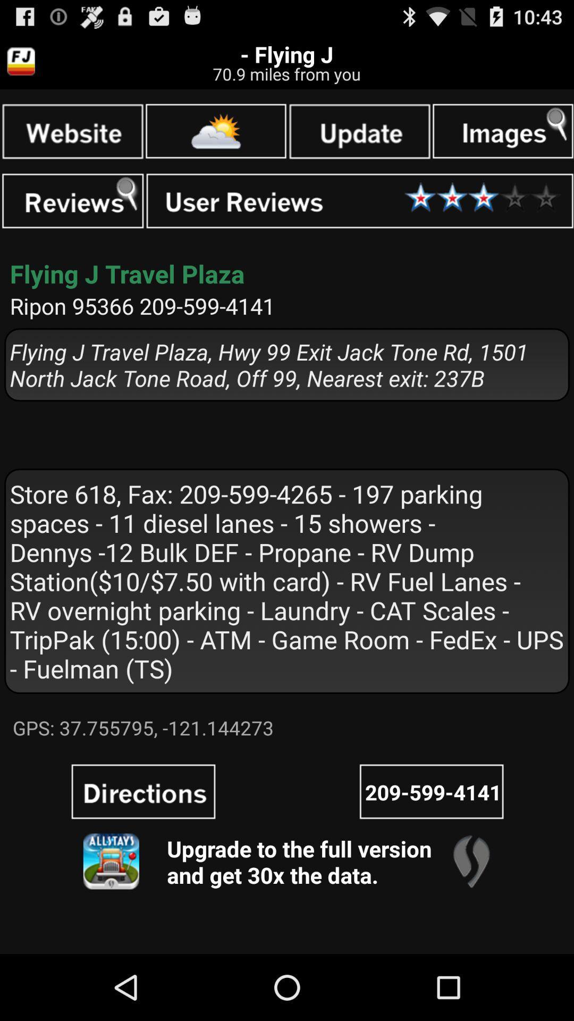 This screenshot has height=1021, width=574. What do you see at coordinates (502, 130) in the screenshot?
I see `images` at bounding box center [502, 130].